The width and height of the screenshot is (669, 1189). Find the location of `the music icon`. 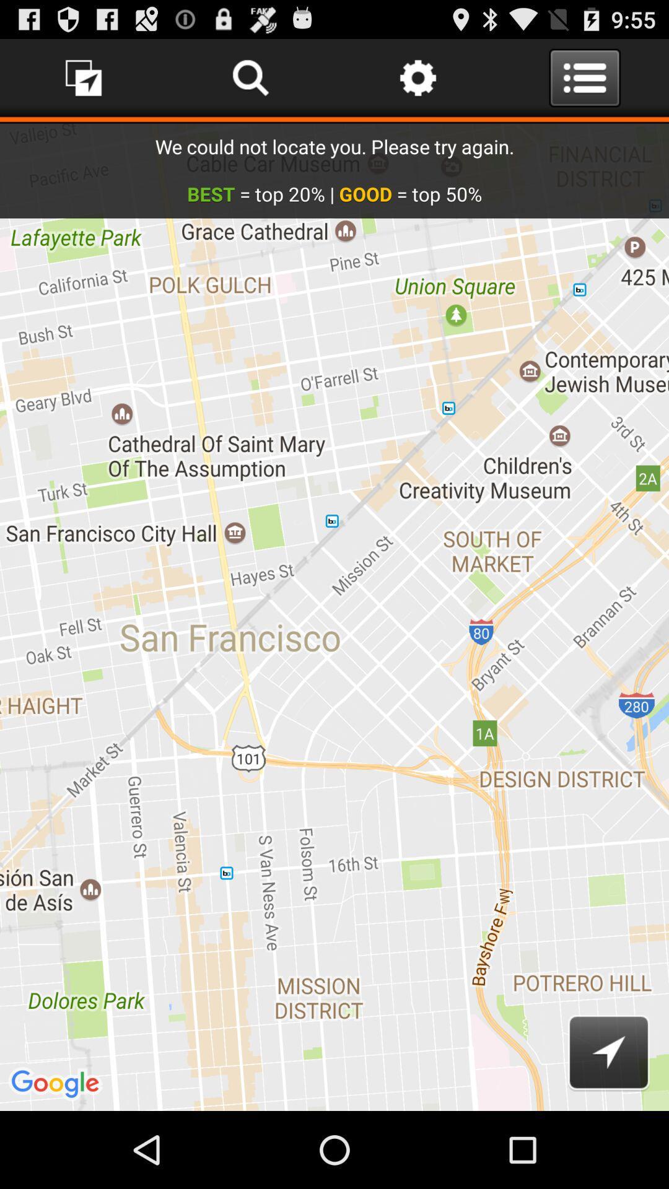

the music icon is located at coordinates (84, 82).